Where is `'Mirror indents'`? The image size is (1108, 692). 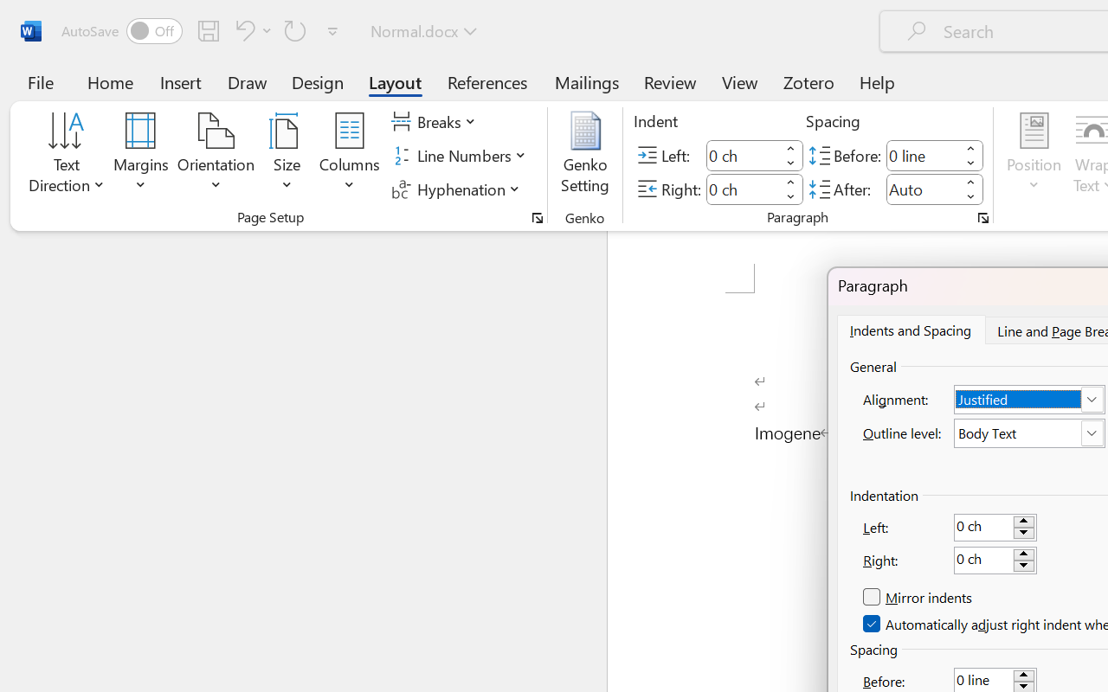
'Mirror indents' is located at coordinates (918, 598).